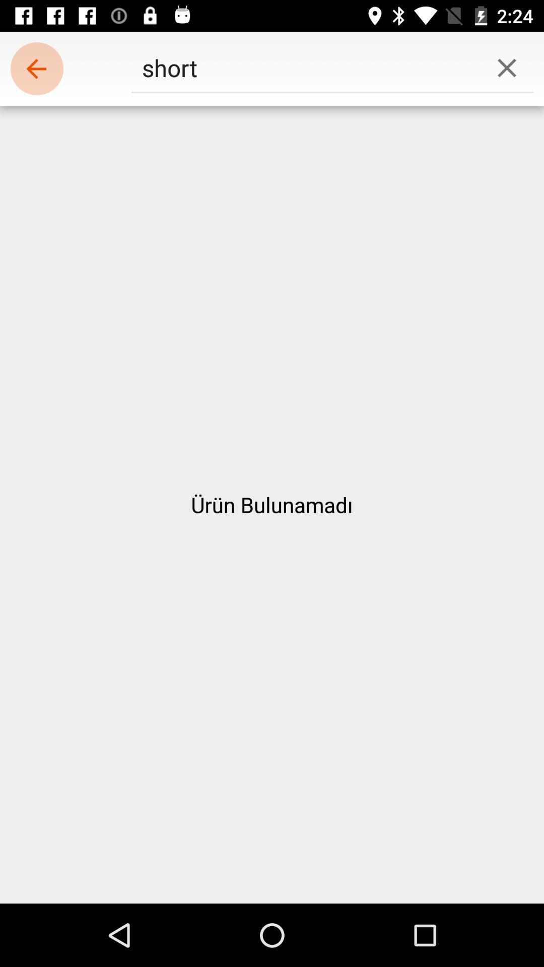 Image resolution: width=544 pixels, height=967 pixels. What do you see at coordinates (507, 67) in the screenshot?
I see `the icon at the top right corner` at bounding box center [507, 67].